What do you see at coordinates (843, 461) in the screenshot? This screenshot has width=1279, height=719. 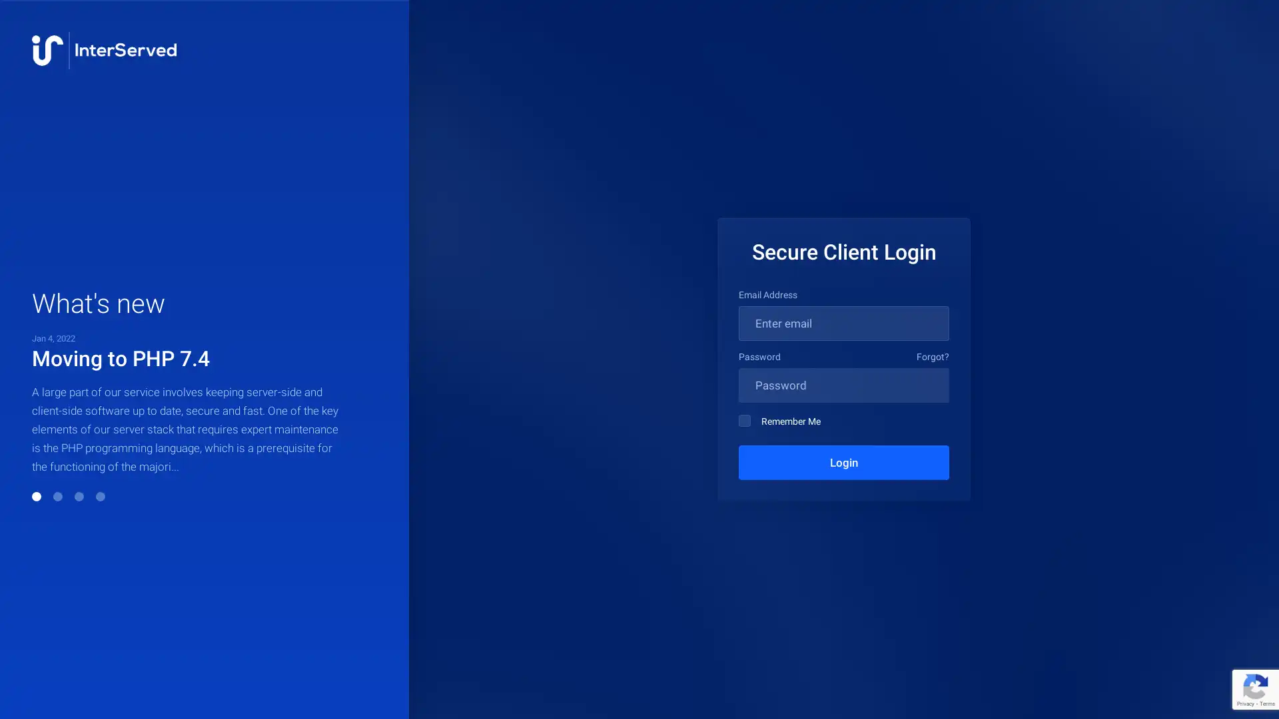 I see `Login` at bounding box center [843, 461].